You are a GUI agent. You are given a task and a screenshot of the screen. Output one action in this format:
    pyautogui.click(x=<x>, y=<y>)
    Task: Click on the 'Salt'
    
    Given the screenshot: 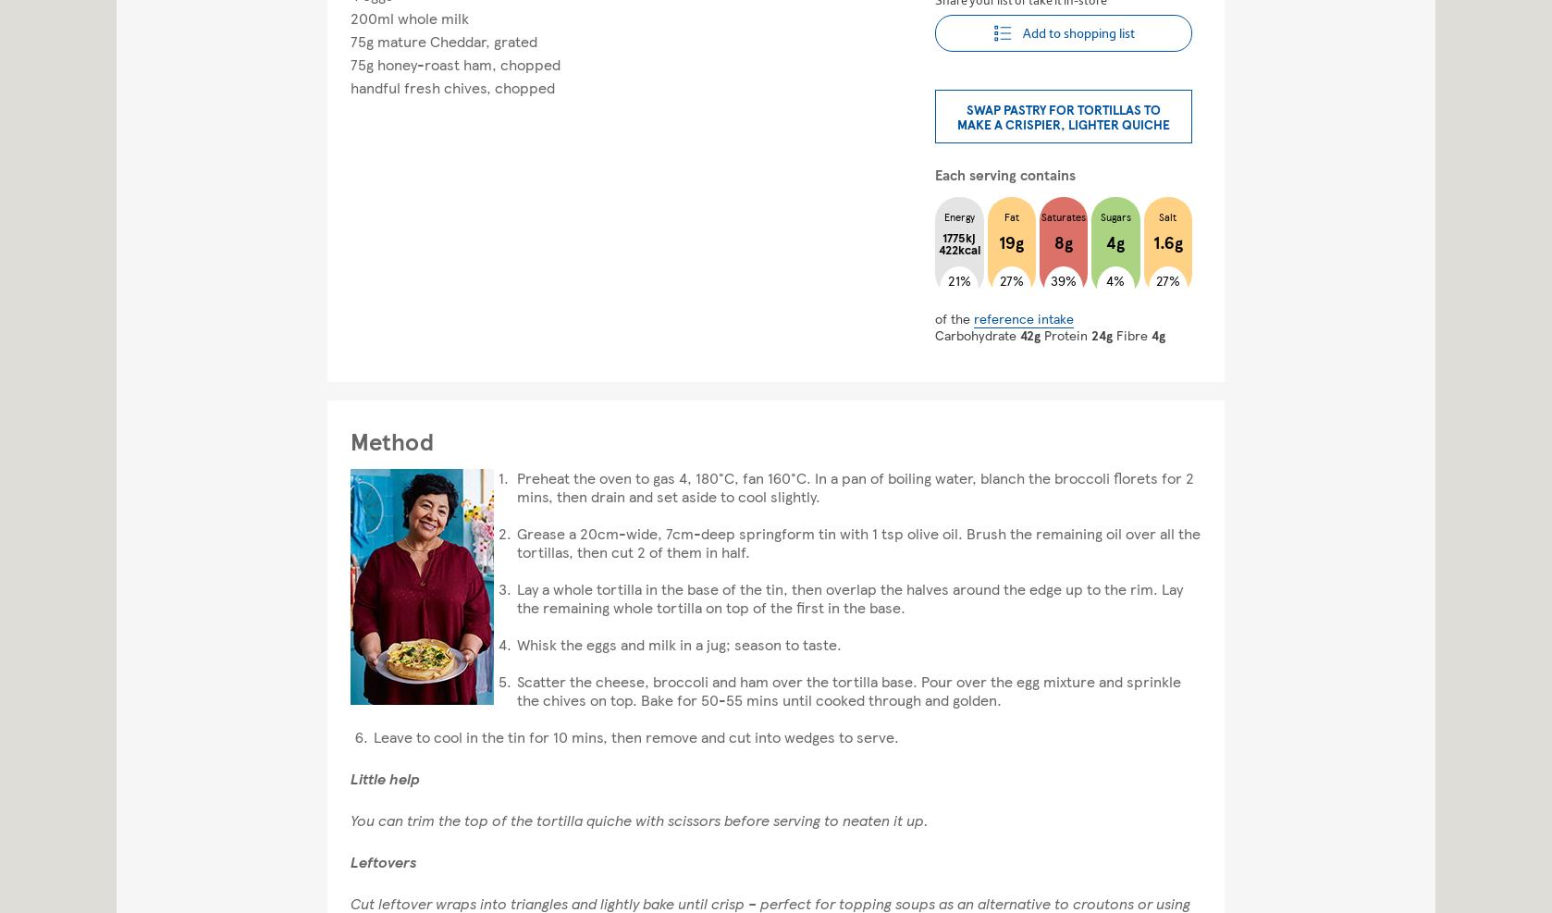 What is the action you would take?
    pyautogui.click(x=1166, y=216)
    